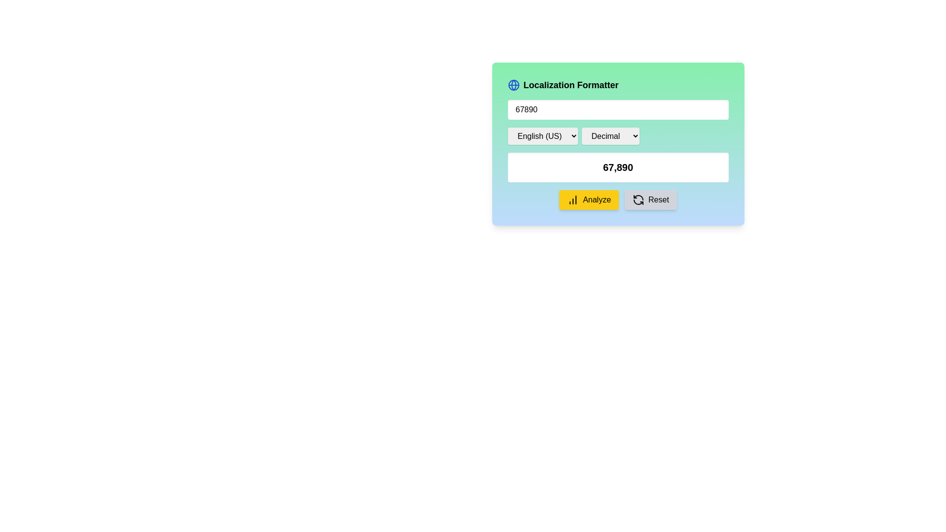  Describe the element at coordinates (609, 136) in the screenshot. I see `the 'Decimal' dropdown menu` at that location.